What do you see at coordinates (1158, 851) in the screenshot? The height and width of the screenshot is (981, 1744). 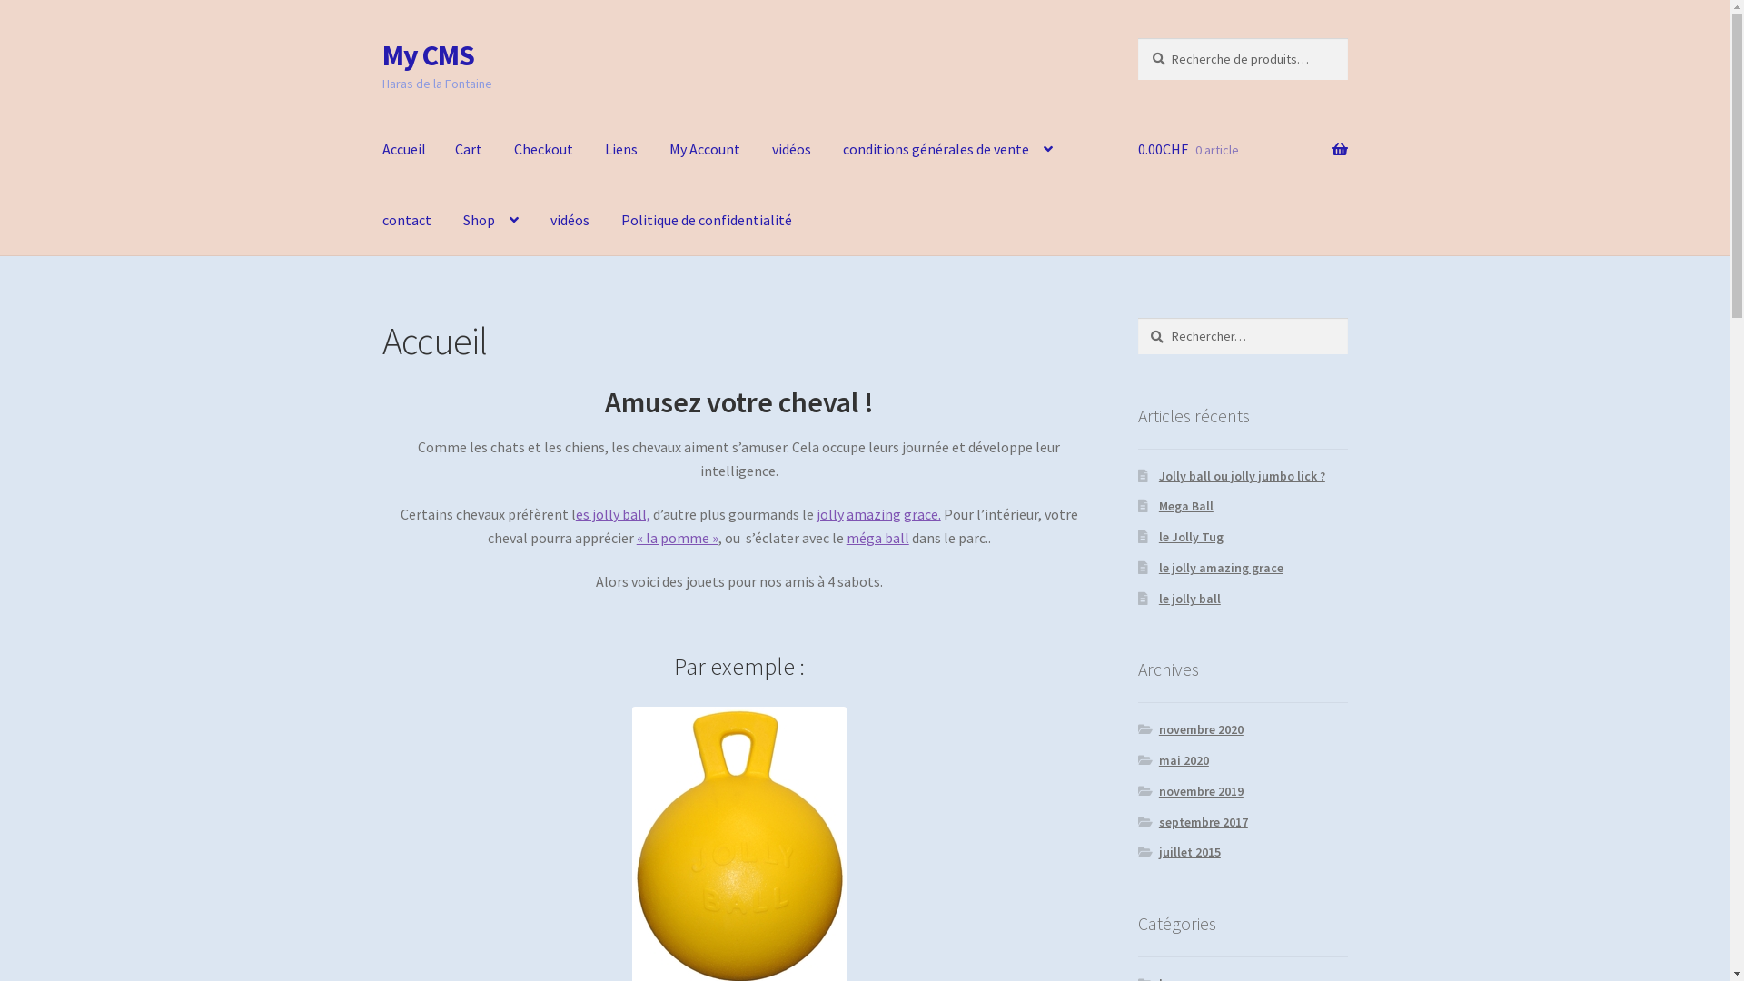 I see `'juillet 2015'` at bounding box center [1158, 851].